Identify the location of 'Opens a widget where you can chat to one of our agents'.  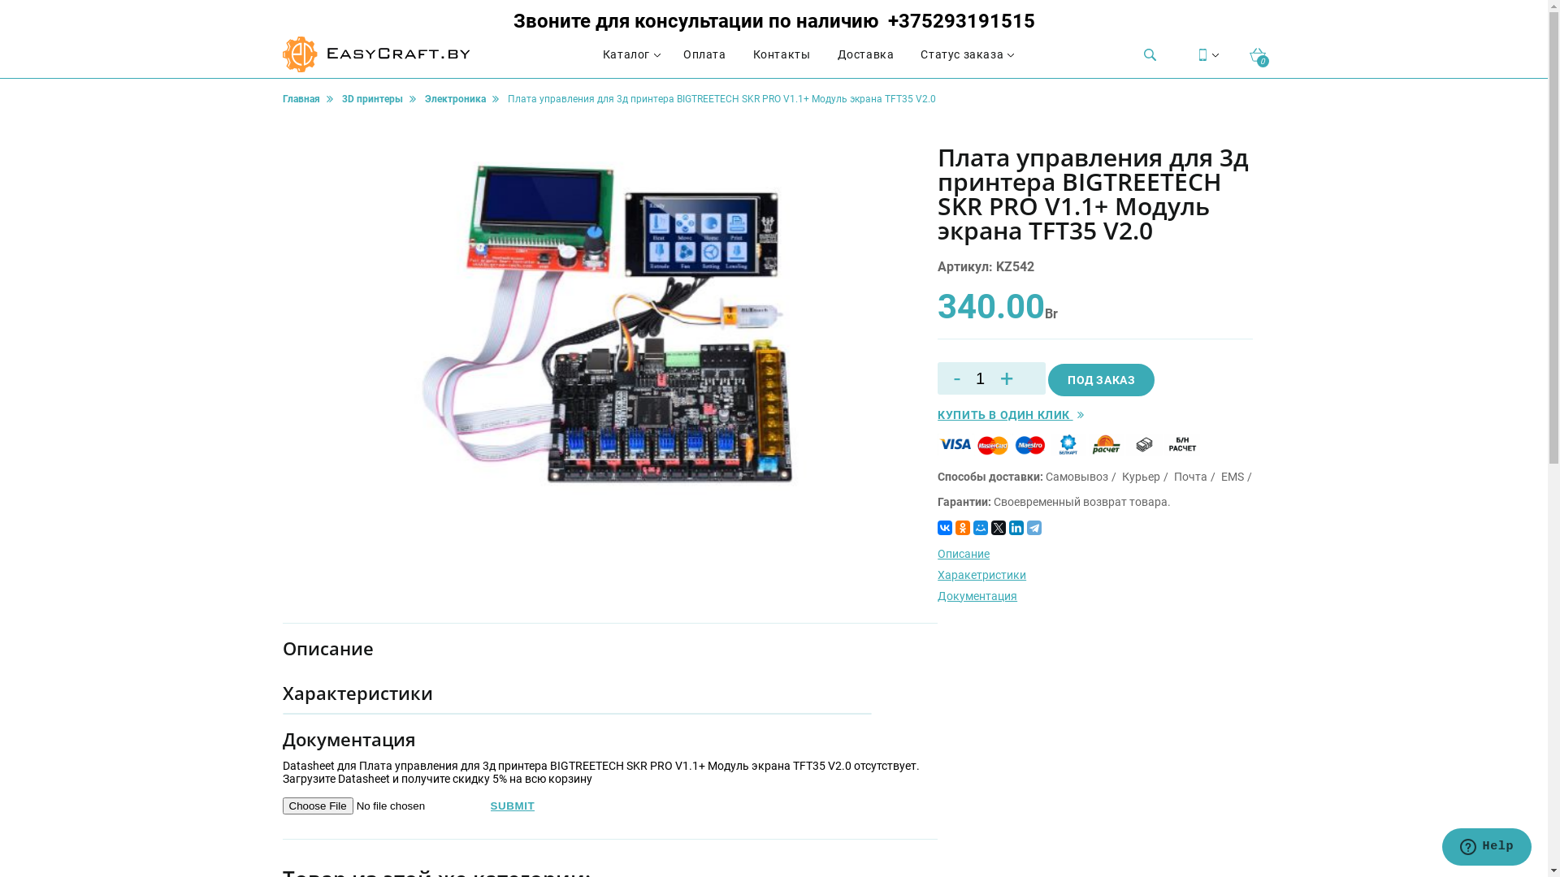
(1486, 848).